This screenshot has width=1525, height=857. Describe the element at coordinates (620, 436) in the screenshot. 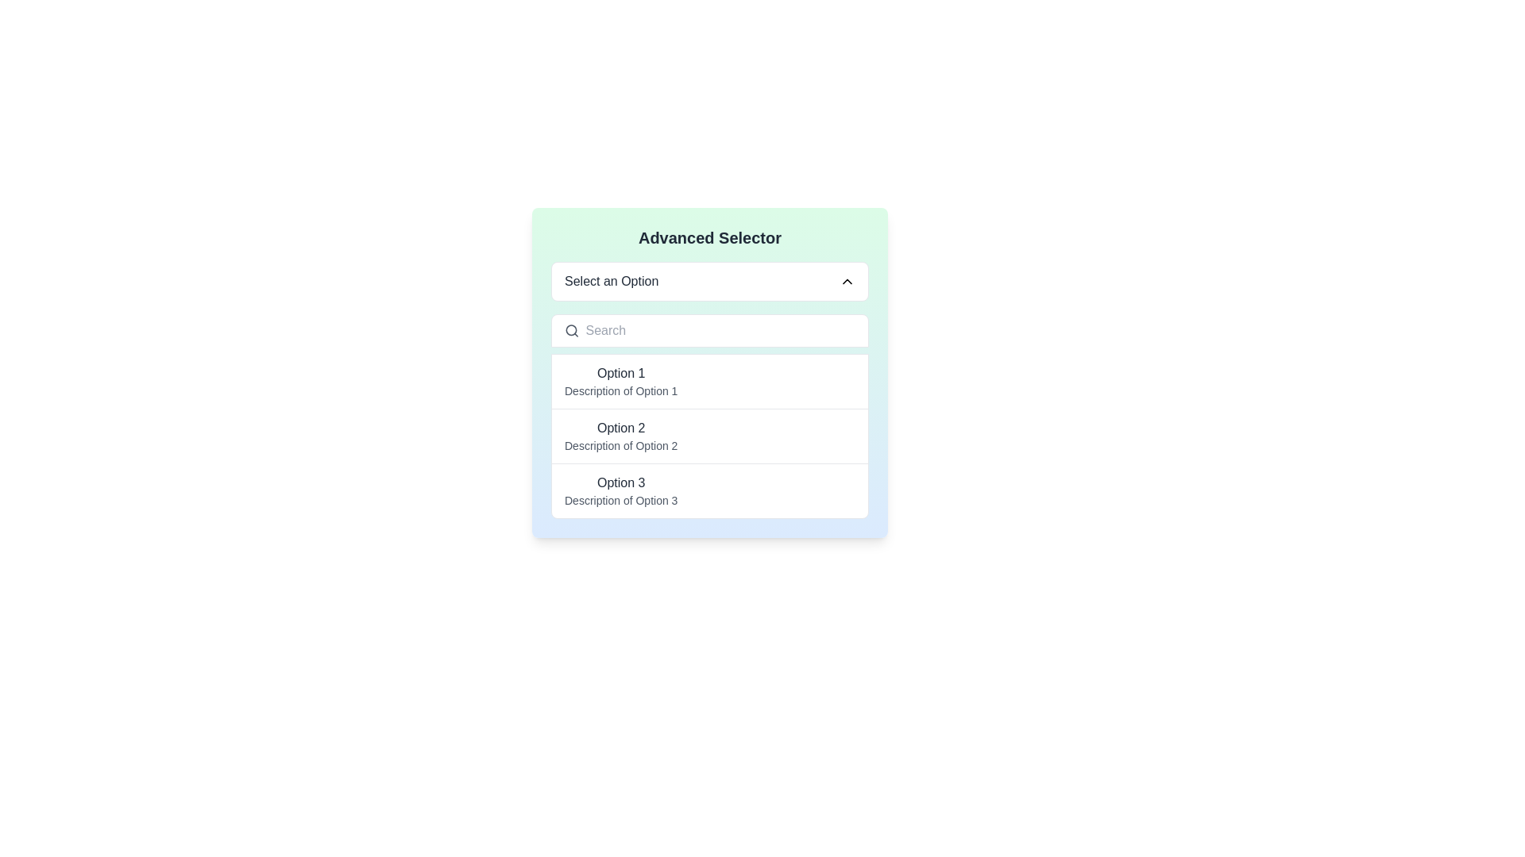

I see `the second item in the dropdown menu labeled 'Option 2'` at that location.